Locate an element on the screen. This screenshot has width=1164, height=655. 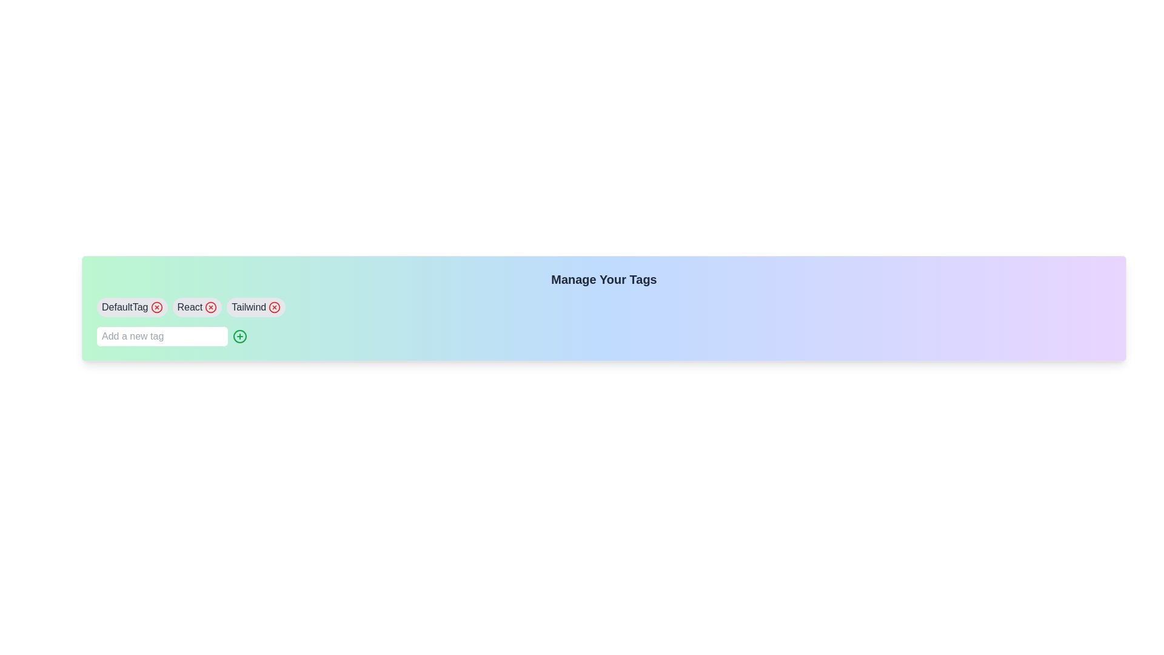
the 'React' tag, which is the second tag in a horizontal list is located at coordinates (197, 306).